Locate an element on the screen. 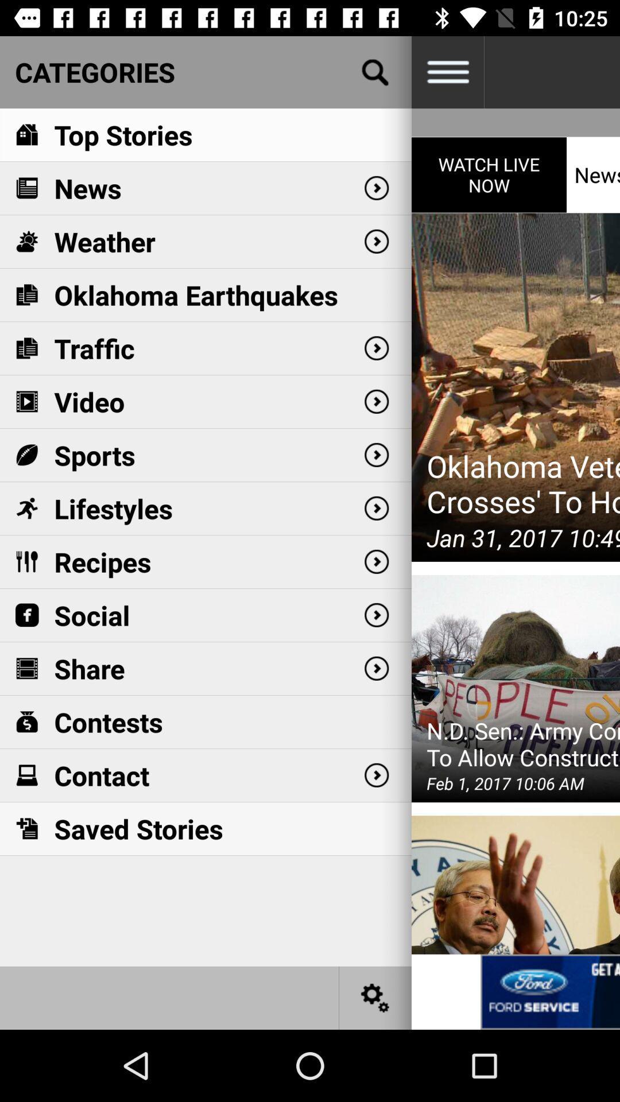  open advertisement is located at coordinates (549, 991).